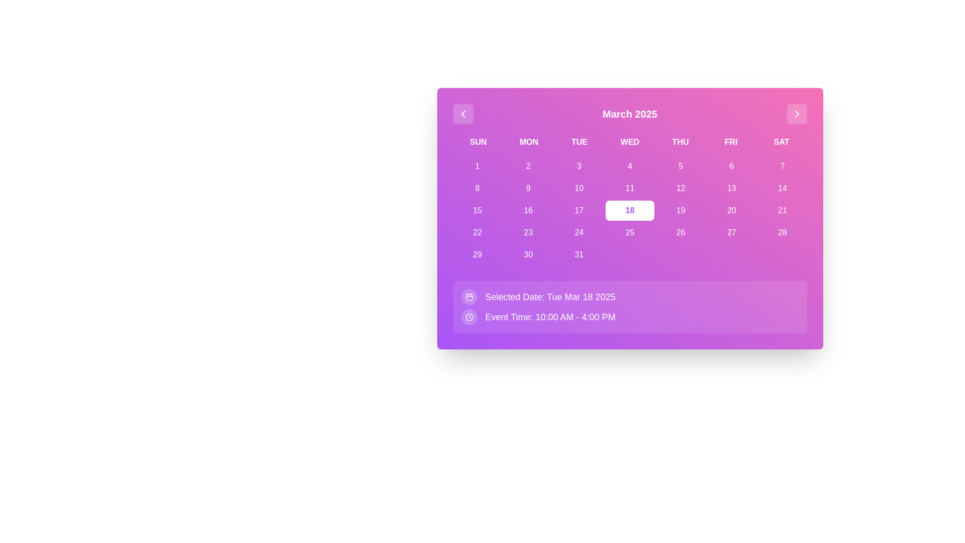 The height and width of the screenshot is (543, 965). What do you see at coordinates (681, 188) in the screenshot?
I see `the calendar cell displaying the number '12' located under the 'THU' column` at bounding box center [681, 188].